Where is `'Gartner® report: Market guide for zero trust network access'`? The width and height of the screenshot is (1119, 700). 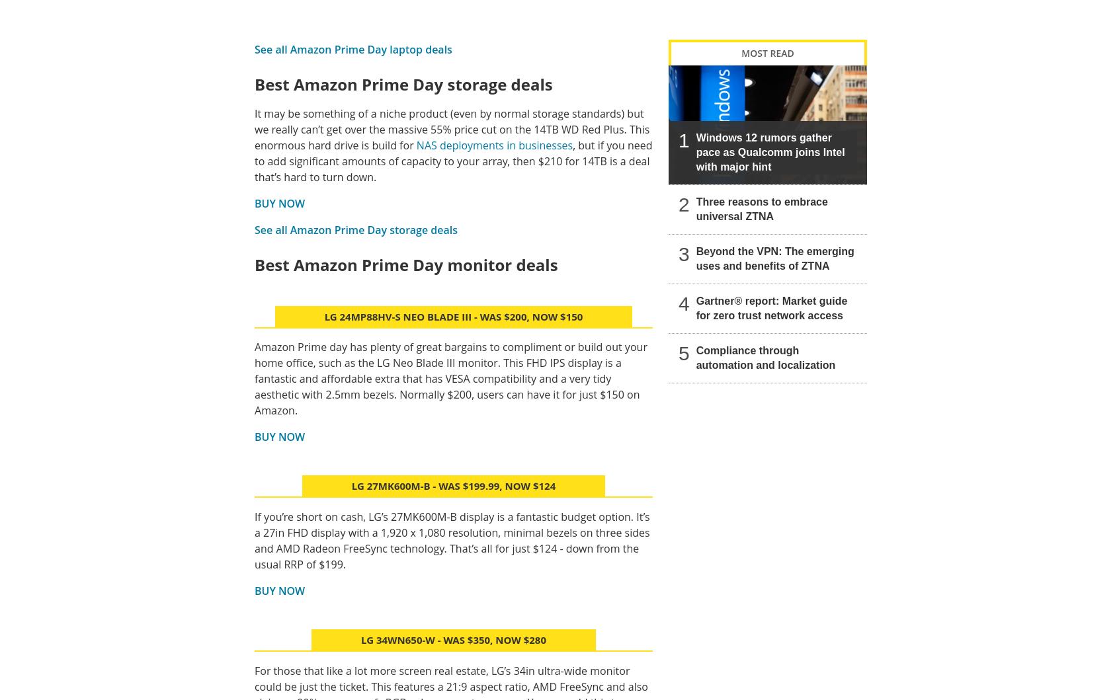
'Gartner® report: Market guide for zero trust network access' is located at coordinates (770, 307).